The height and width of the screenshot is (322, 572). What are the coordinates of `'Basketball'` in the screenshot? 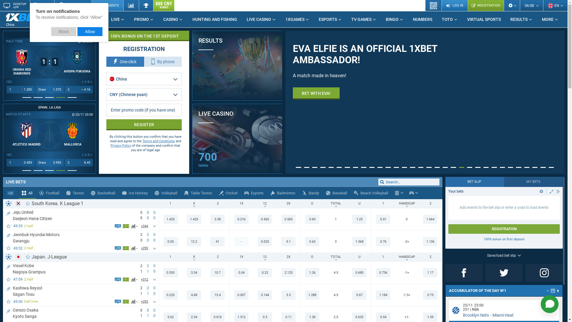 It's located at (103, 193).